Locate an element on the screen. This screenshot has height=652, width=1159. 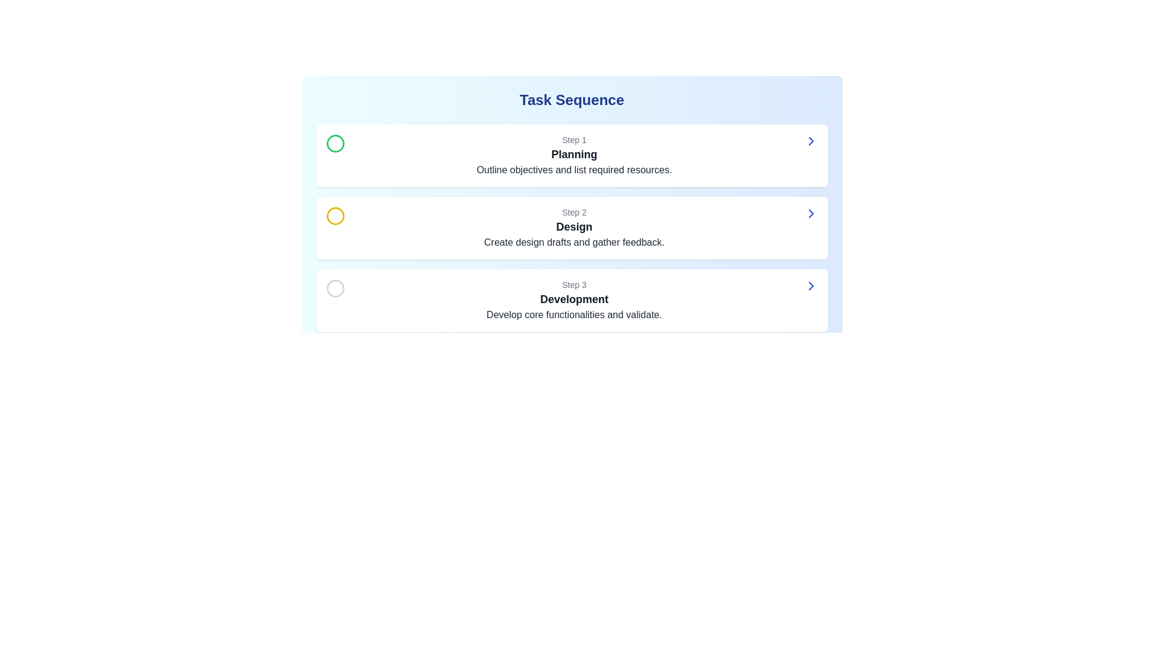
the arrow icon located in the top-right corner of the card for step 1, titled 'Planning' is located at coordinates (811, 141).